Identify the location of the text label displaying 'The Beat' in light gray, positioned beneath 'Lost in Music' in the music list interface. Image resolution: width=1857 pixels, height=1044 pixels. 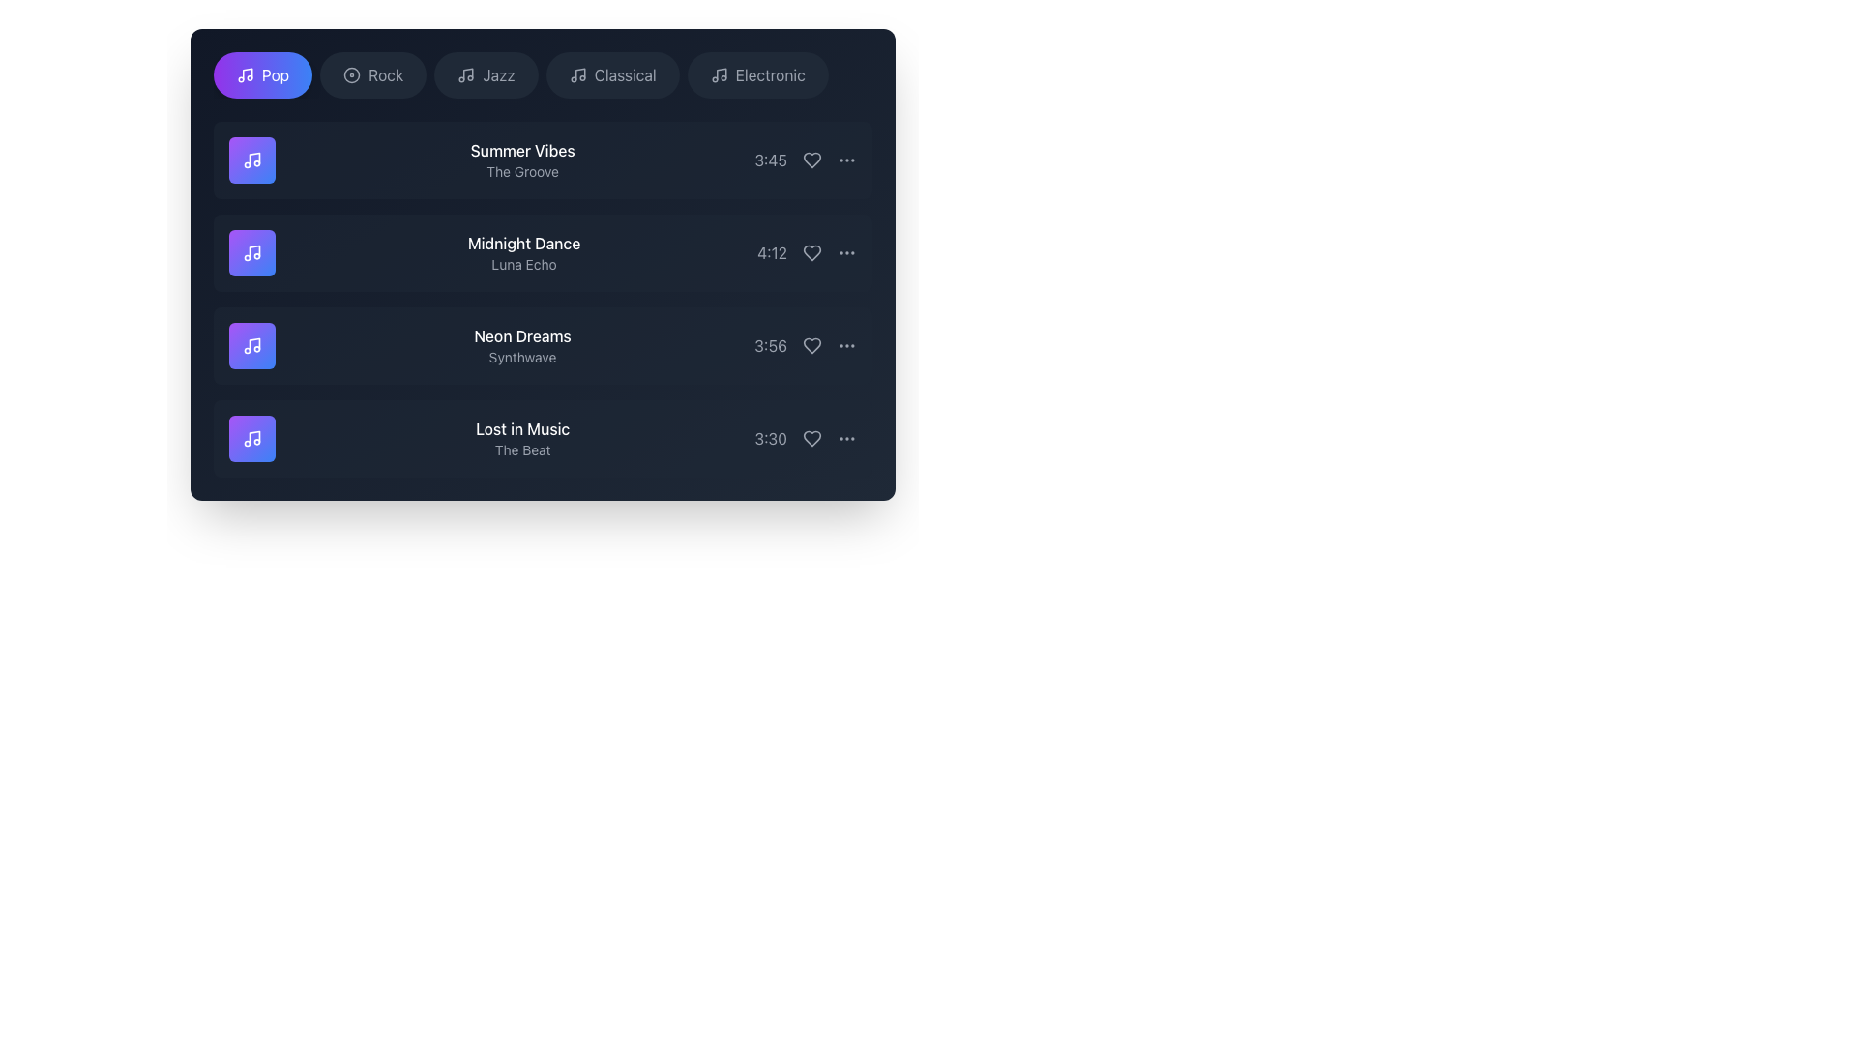
(522, 450).